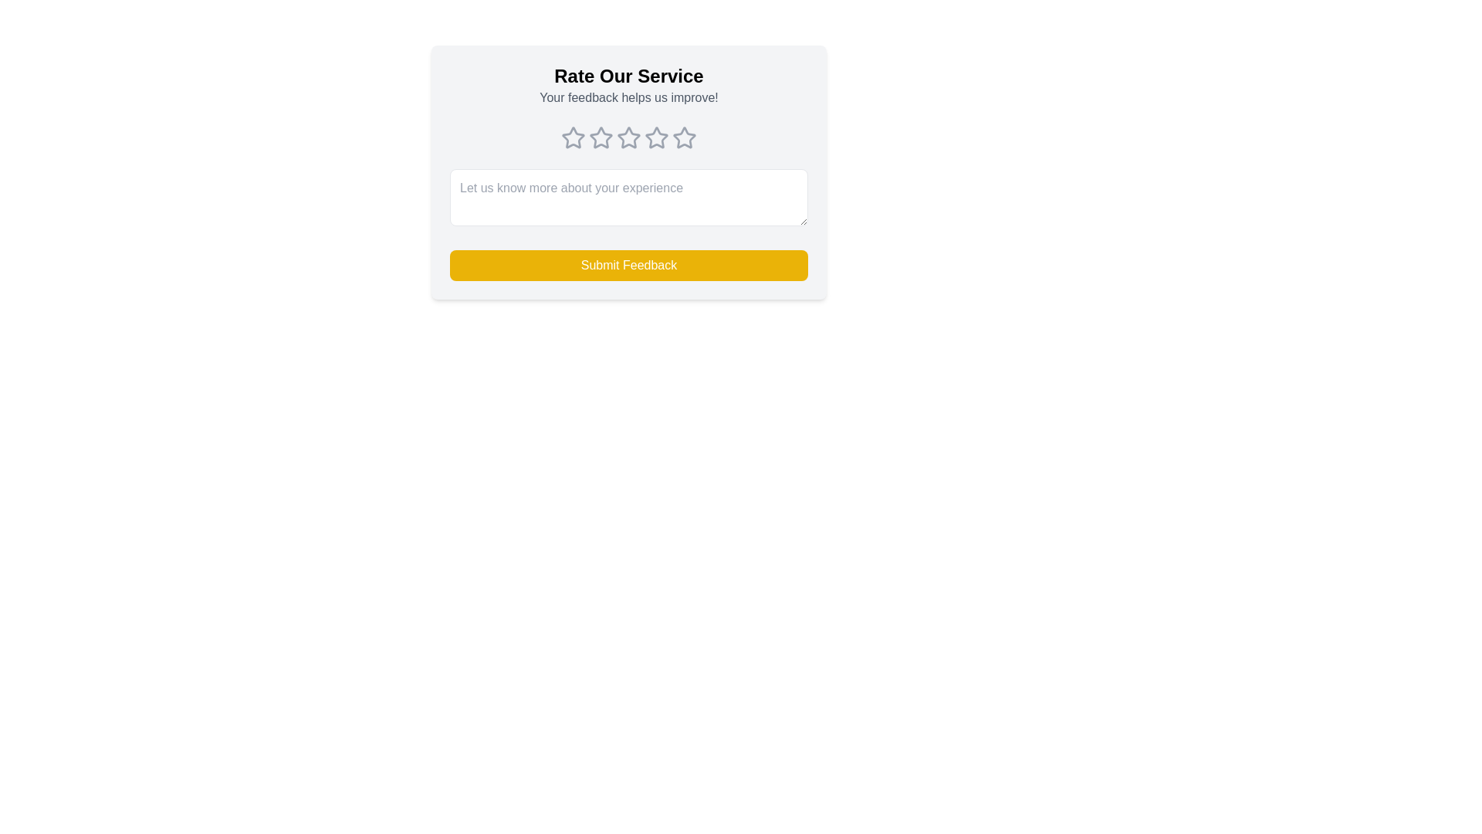 The height and width of the screenshot is (834, 1482). I want to click on the second star-shaped rating icon, which is part of a 5-star rating system displayed under the text 'Rate Our Service', so click(600, 137).